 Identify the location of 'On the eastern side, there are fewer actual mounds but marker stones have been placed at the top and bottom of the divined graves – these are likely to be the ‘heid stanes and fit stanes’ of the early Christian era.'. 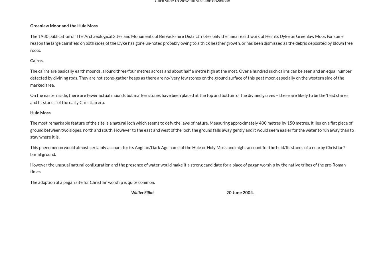
(189, 99).